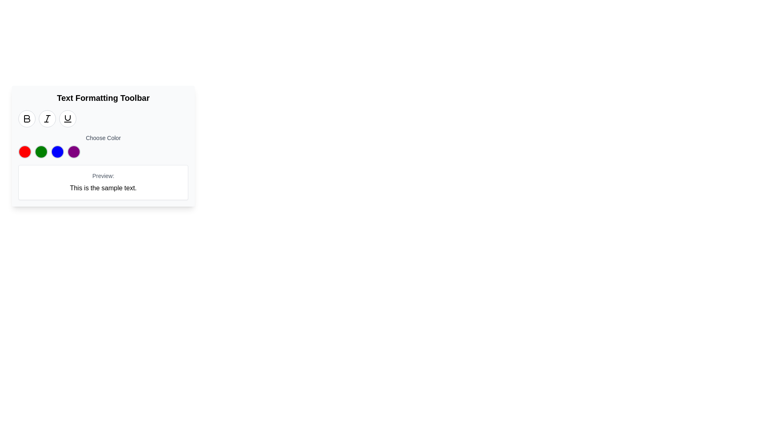 The height and width of the screenshot is (441, 784). Describe the element at coordinates (47, 118) in the screenshot. I see `the central graphic of the 'Italic' button in the text formatting toolbar, which represents the italicizing functionality for selected text` at that location.